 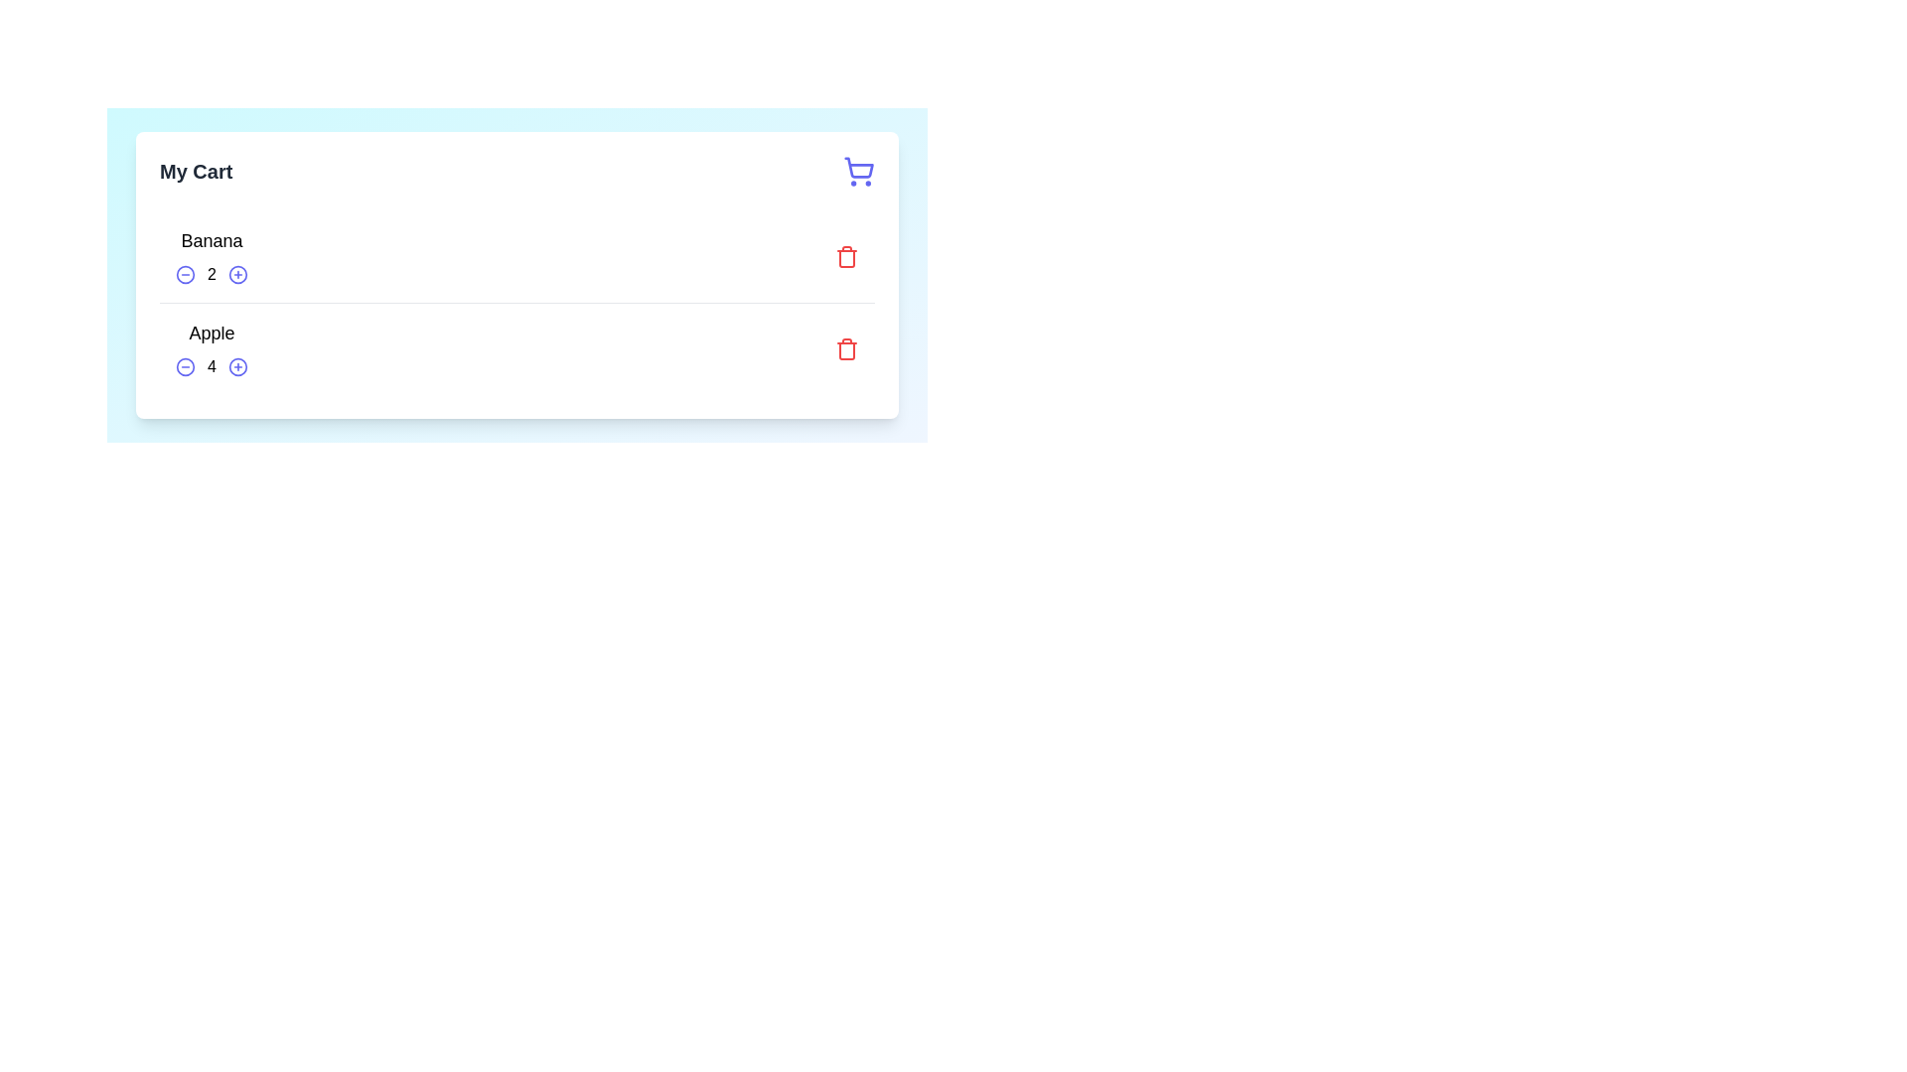 What do you see at coordinates (212, 367) in the screenshot?
I see `bold numeric value '4' representing the quantity of 'Apple' in the cart summary, located between the decrement and increment icons` at bounding box center [212, 367].